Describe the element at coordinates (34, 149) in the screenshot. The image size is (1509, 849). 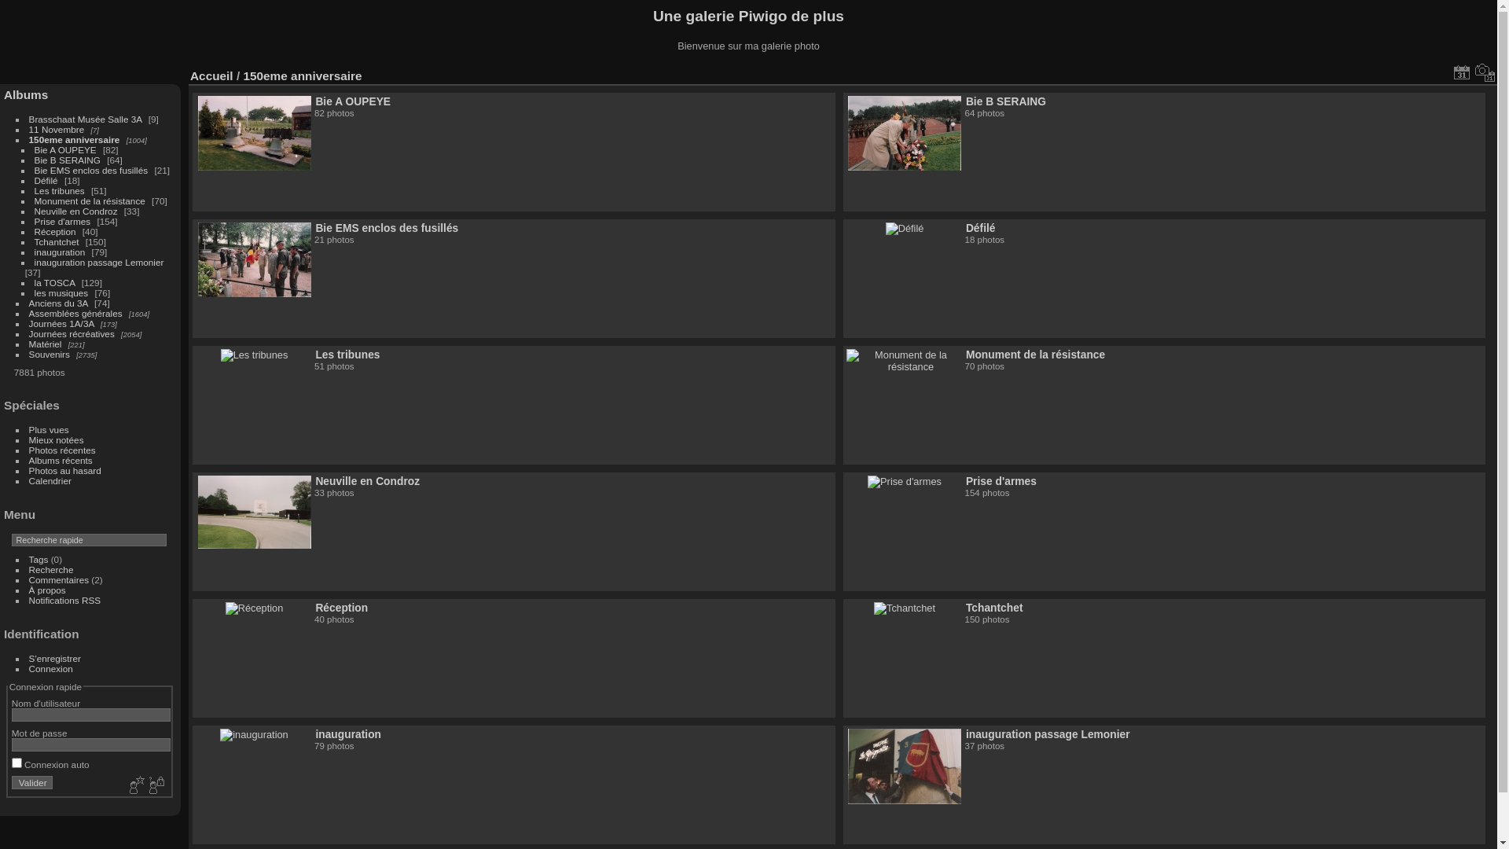
I see `'Bie A OUPEYE'` at that location.